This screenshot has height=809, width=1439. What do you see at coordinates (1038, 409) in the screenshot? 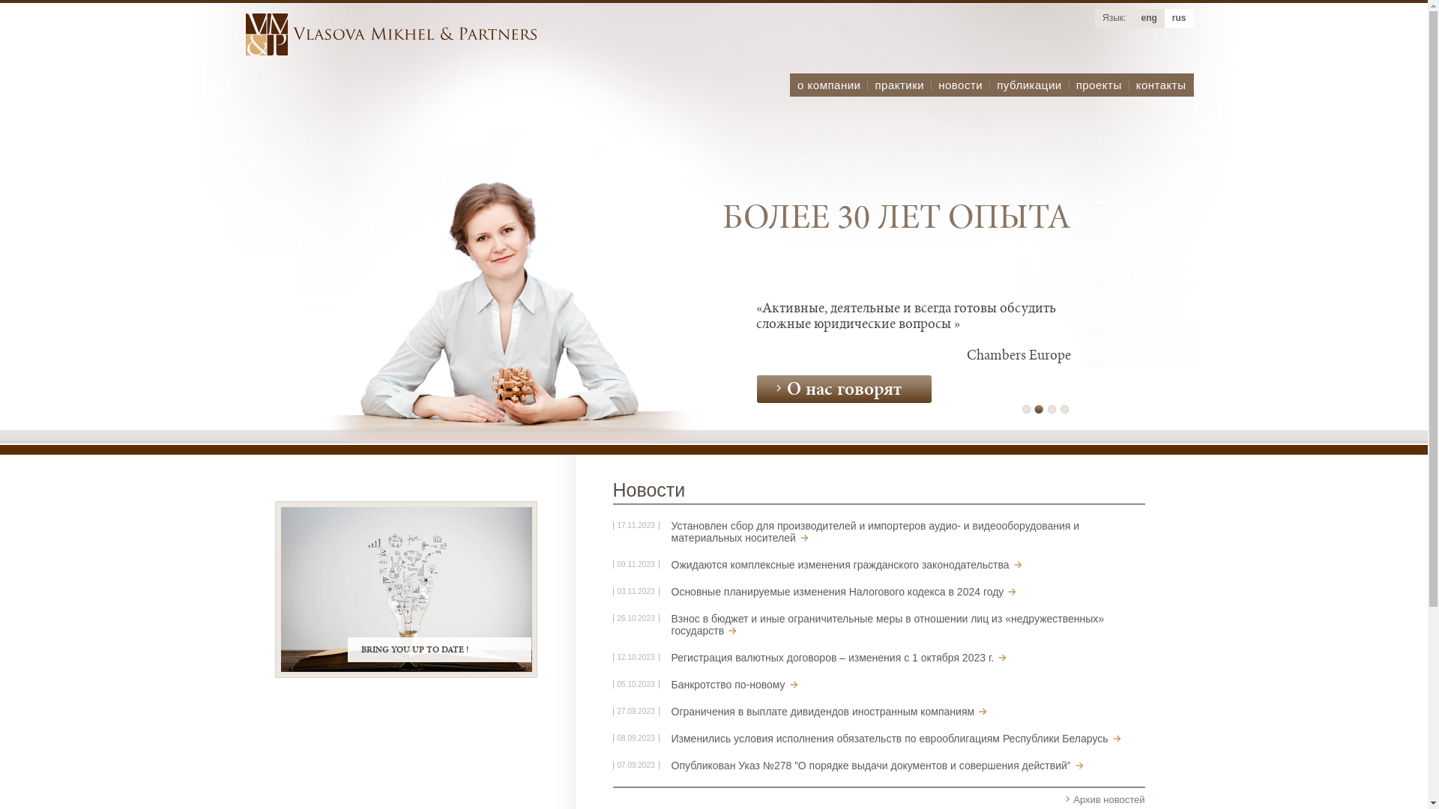
I see `'2'` at bounding box center [1038, 409].